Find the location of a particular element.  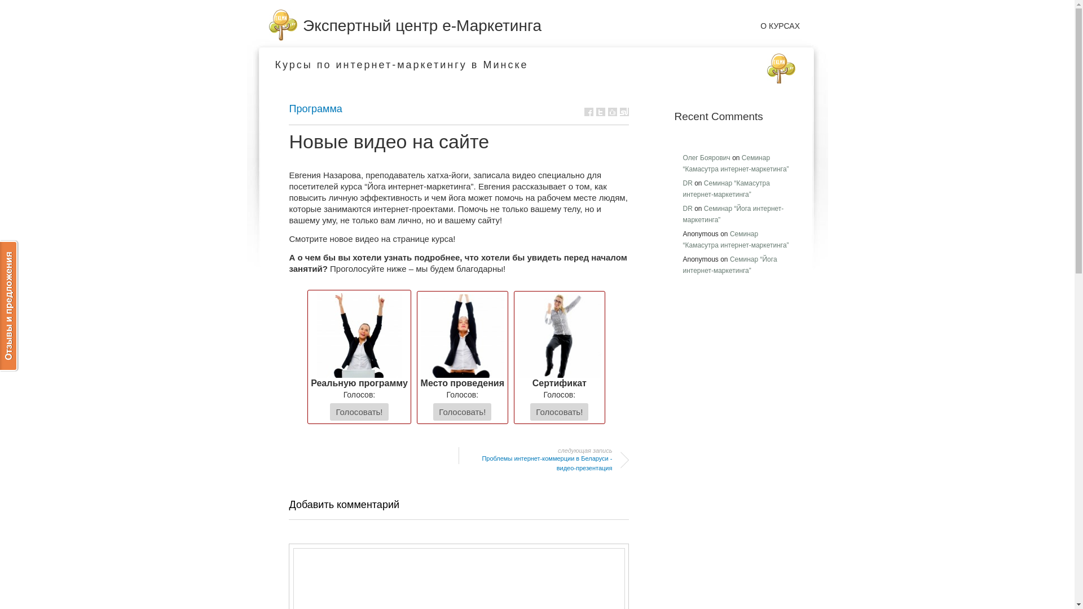

'DR' is located at coordinates (686, 209).